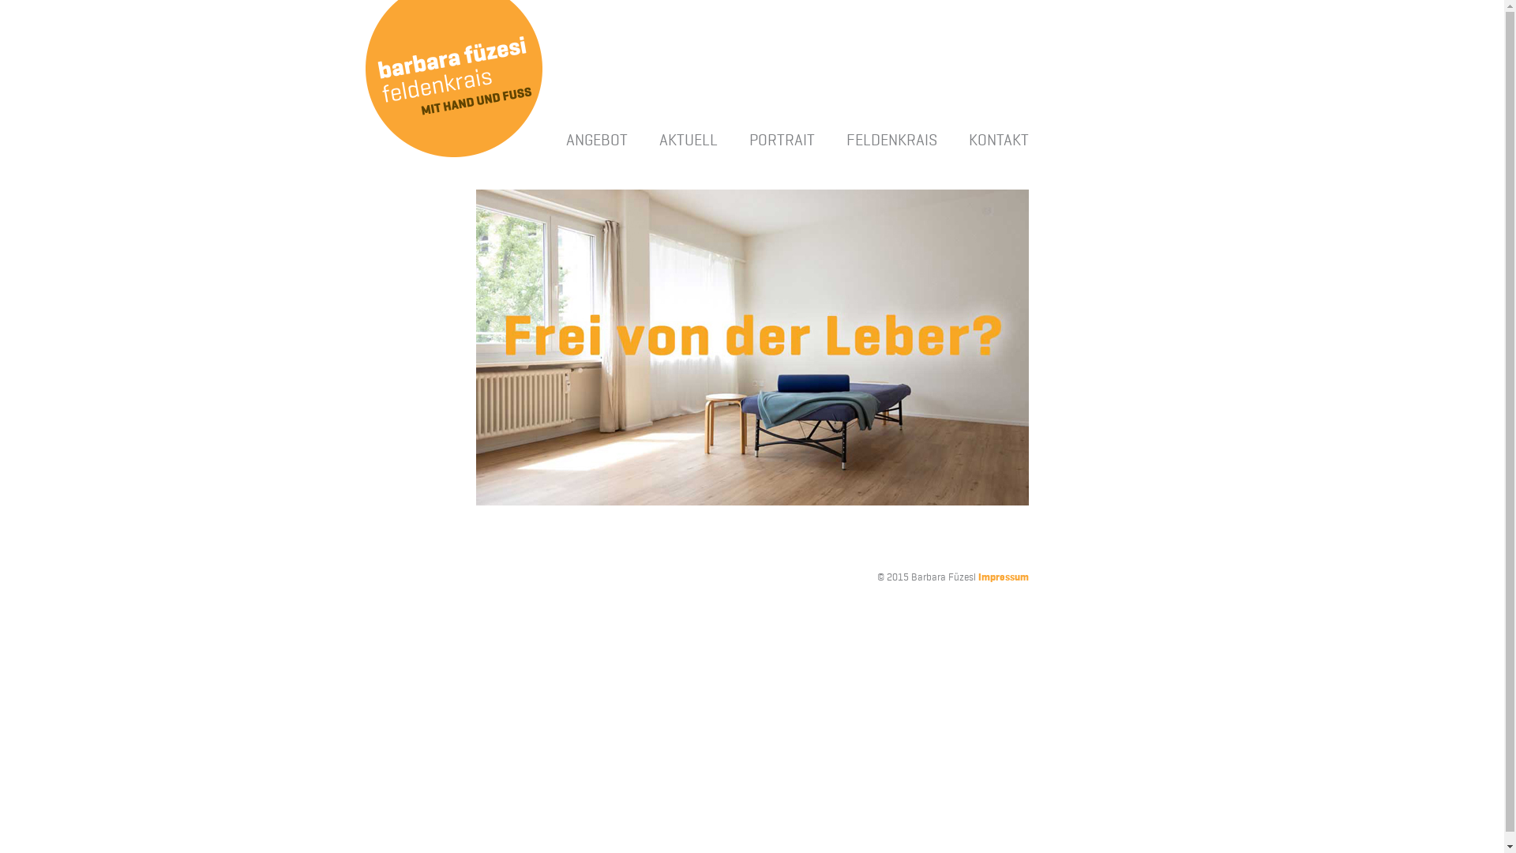 Image resolution: width=1516 pixels, height=853 pixels. What do you see at coordinates (966, 139) in the screenshot?
I see `'KONTAKT'` at bounding box center [966, 139].